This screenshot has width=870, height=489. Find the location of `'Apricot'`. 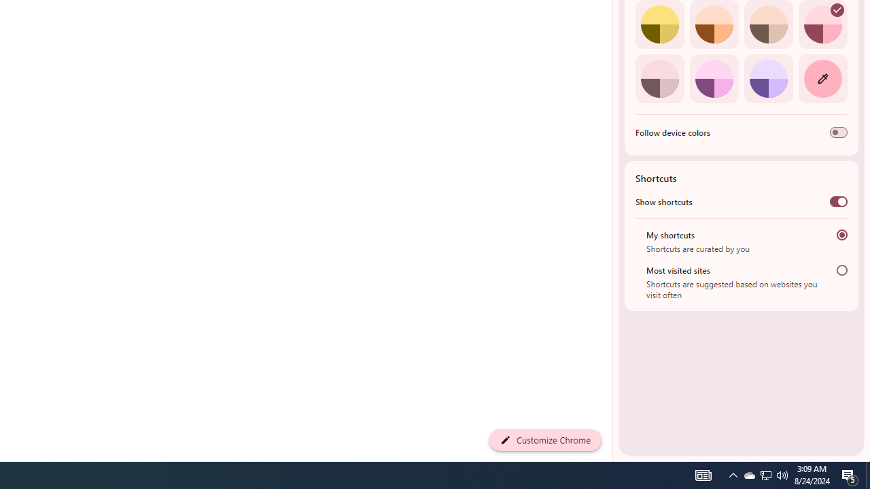

'Apricot' is located at coordinates (768, 24).